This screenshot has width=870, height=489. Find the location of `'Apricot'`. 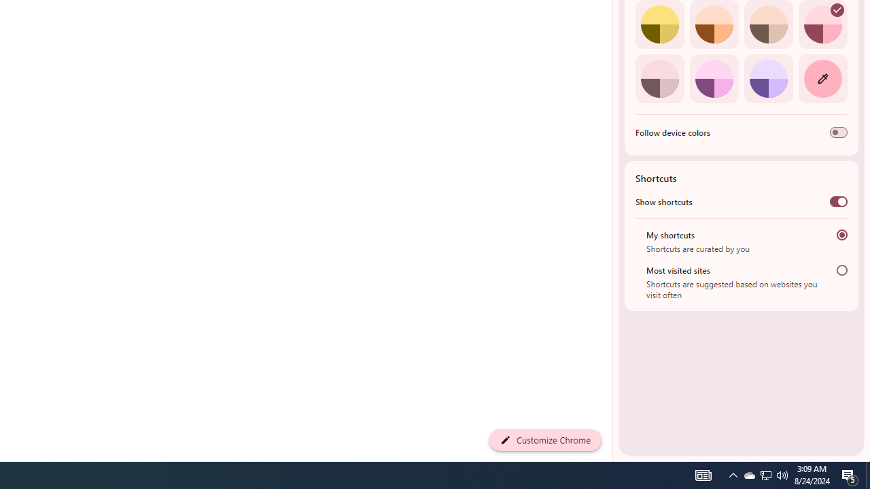

'Apricot' is located at coordinates (768, 24).